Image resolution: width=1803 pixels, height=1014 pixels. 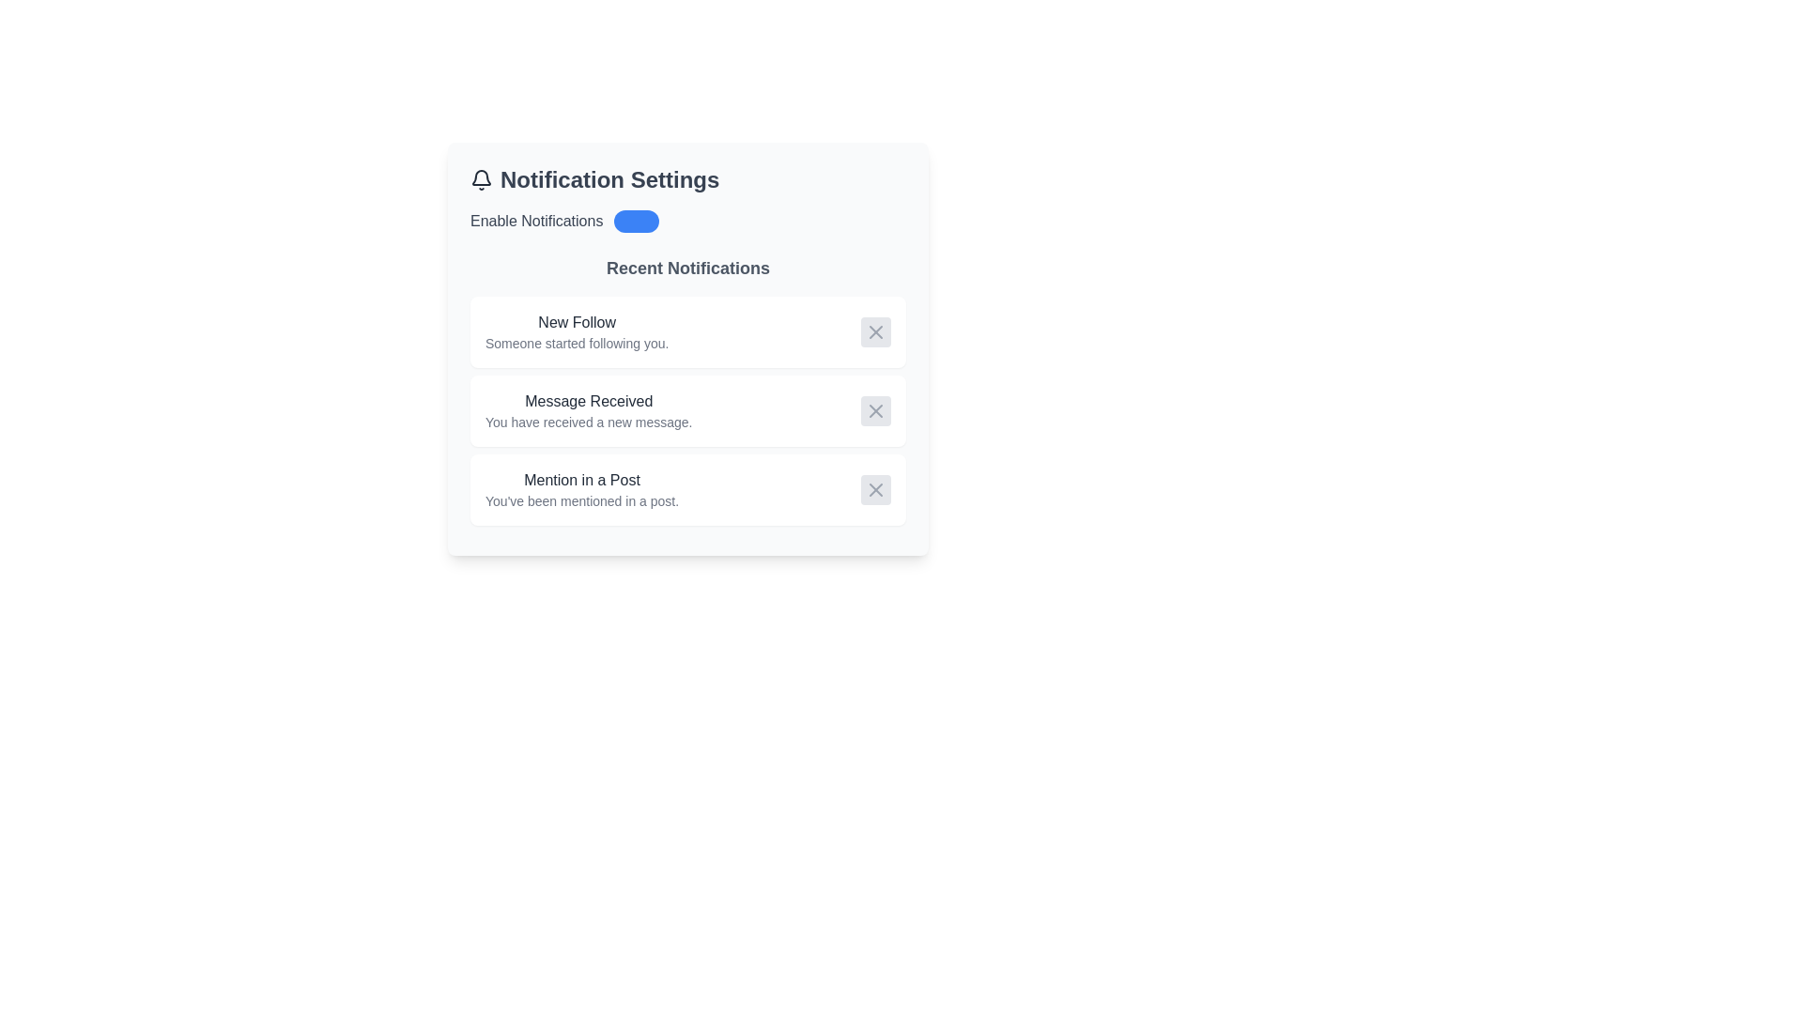 I want to click on the notification card containing the text element that informs the user about a new follower, located in the topmost position of the 'Recent Notifications' list, so click(x=576, y=331).